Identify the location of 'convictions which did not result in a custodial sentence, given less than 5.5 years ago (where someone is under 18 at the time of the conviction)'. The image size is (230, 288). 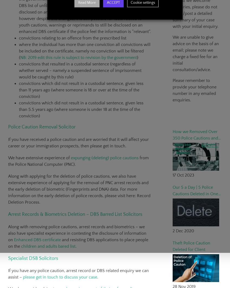
(81, 109).